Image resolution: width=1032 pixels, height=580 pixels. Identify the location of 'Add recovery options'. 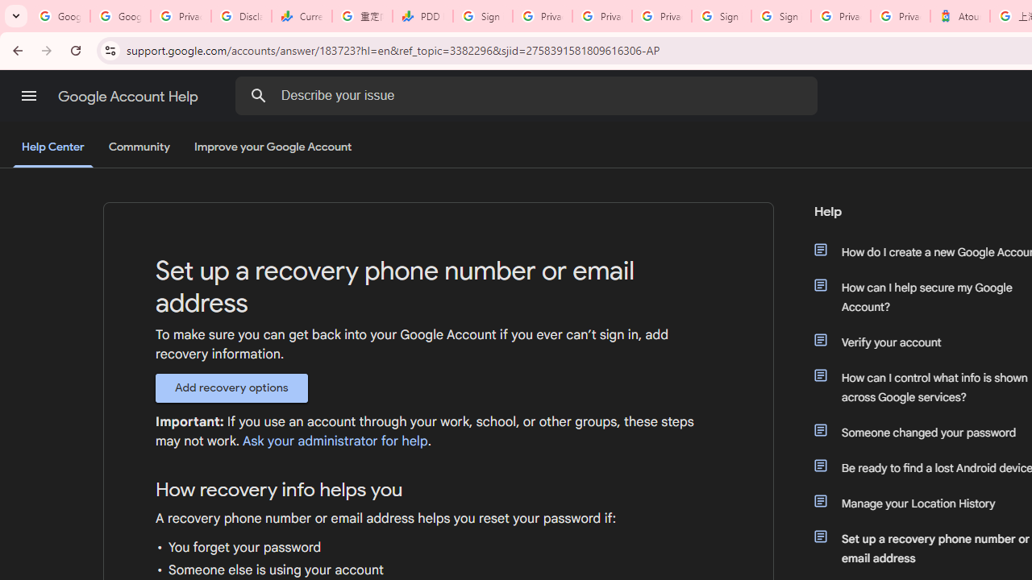
(231, 387).